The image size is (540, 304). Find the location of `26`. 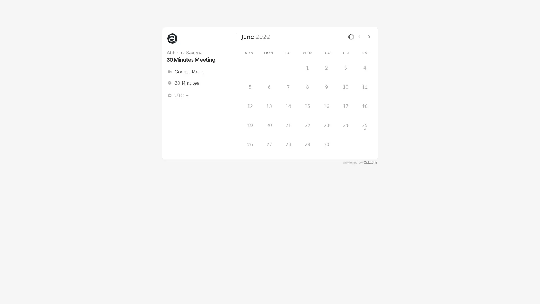

26 is located at coordinates (249, 144).